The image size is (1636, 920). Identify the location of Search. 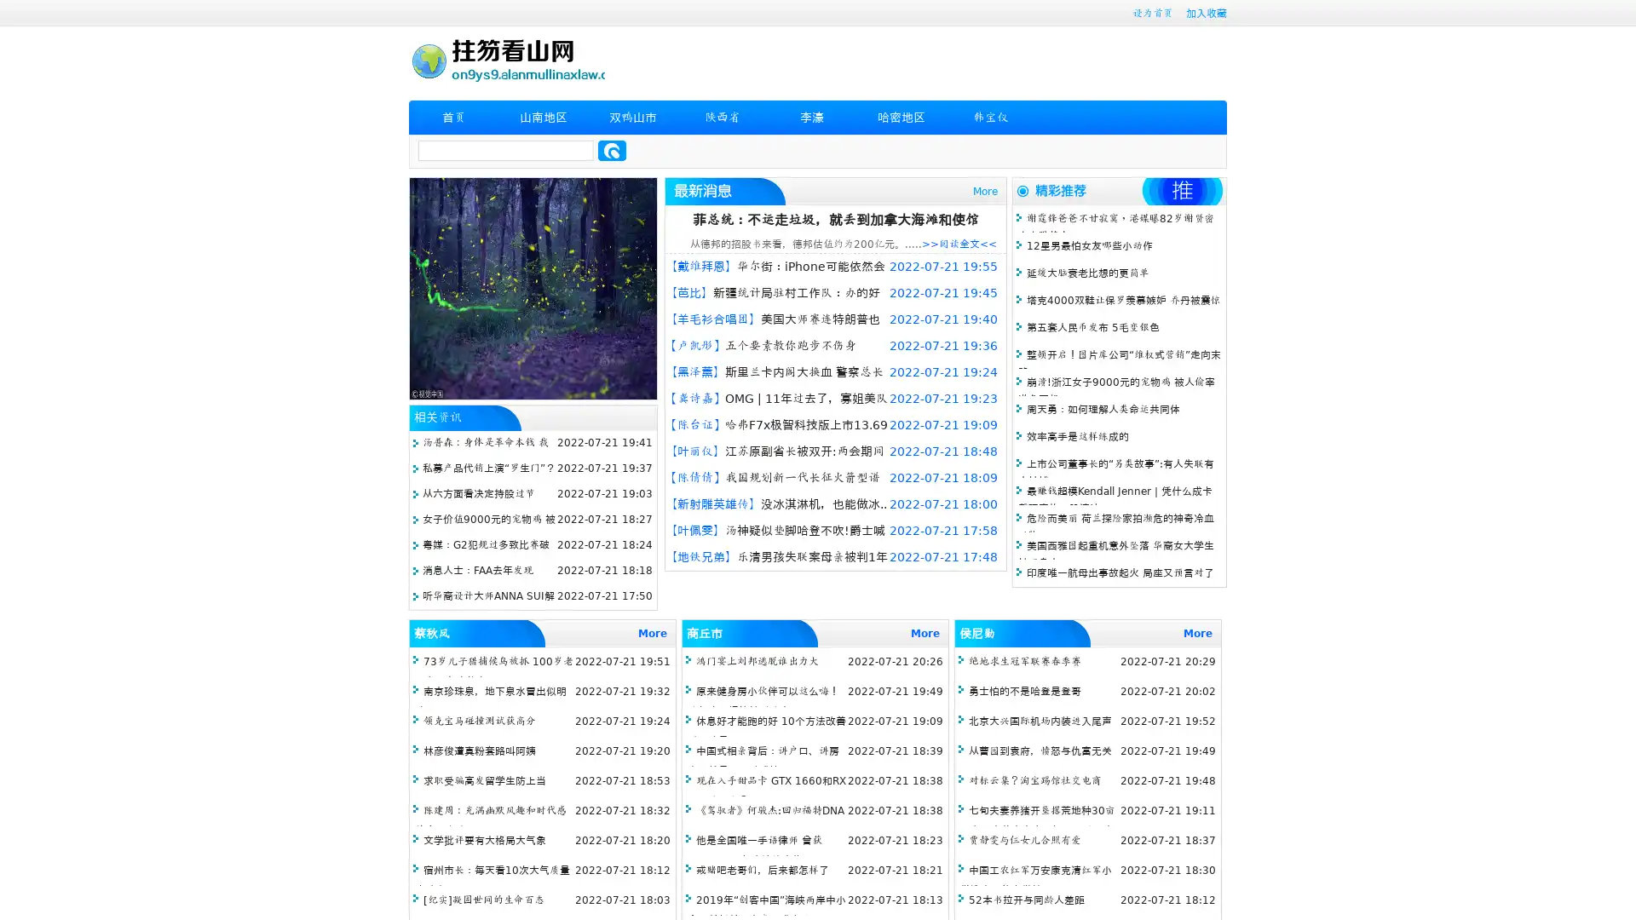
(612, 150).